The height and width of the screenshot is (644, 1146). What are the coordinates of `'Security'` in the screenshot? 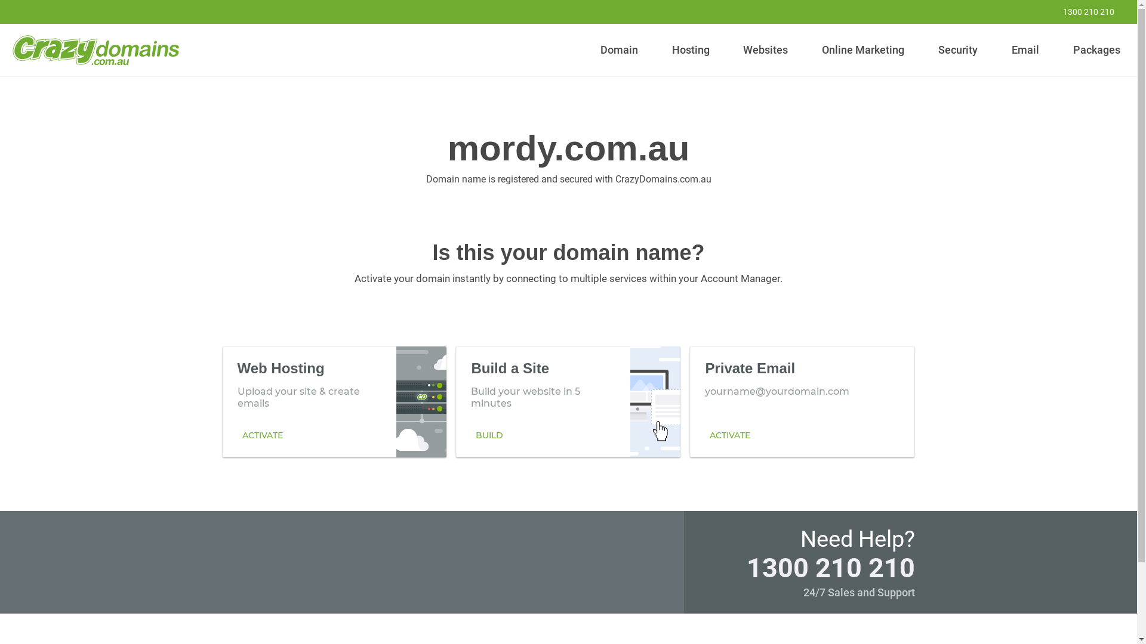 It's located at (933, 49).